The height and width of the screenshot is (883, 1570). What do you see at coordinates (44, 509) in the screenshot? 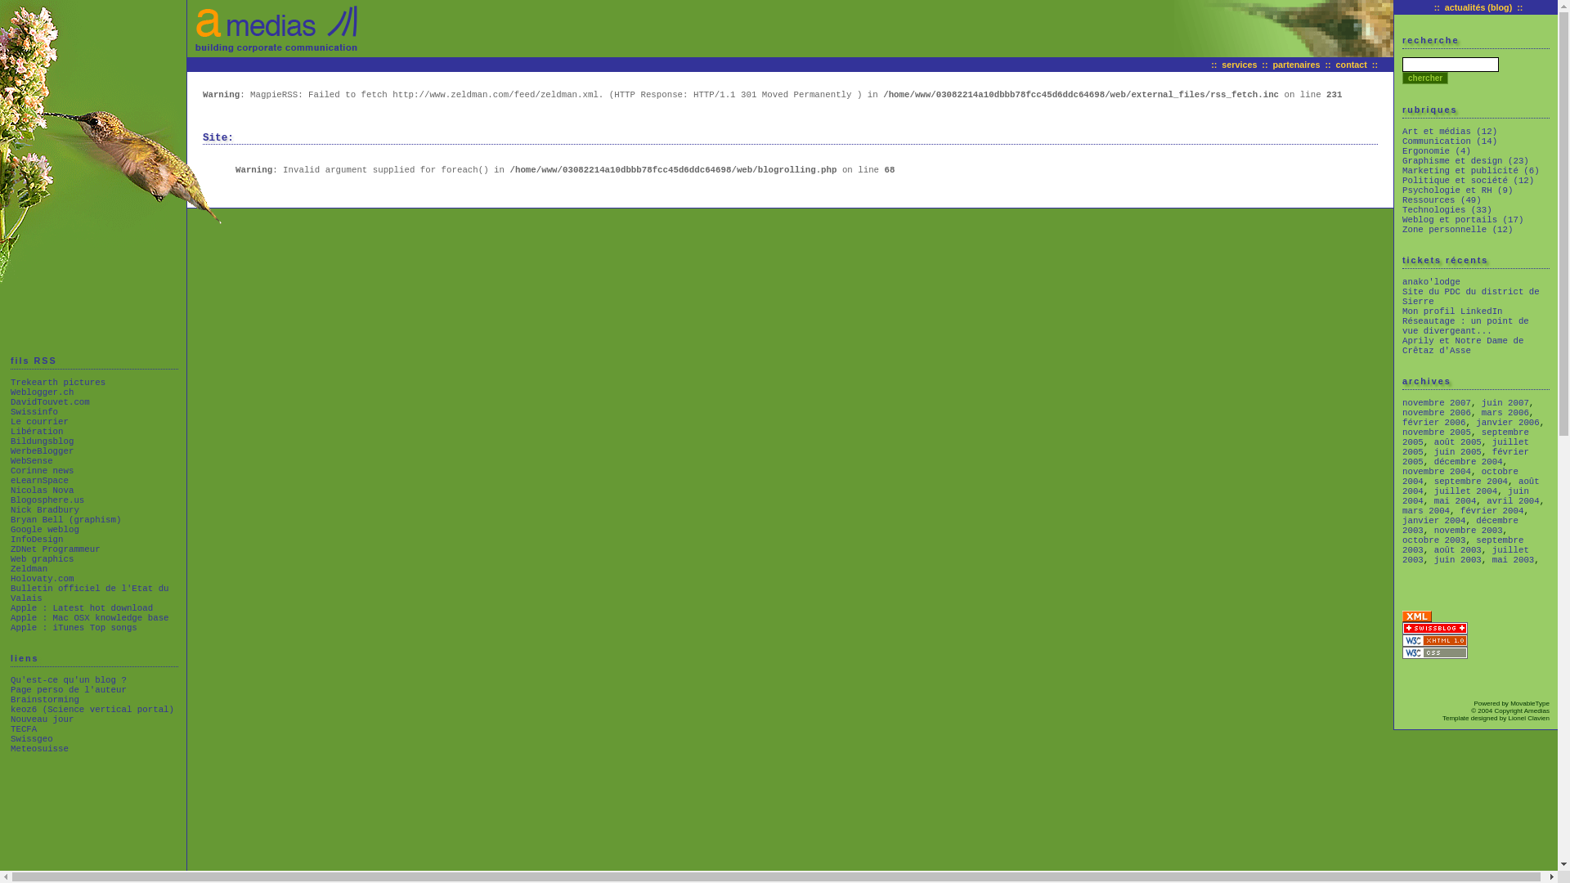
I see `'Nick Bradbury'` at bounding box center [44, 509].